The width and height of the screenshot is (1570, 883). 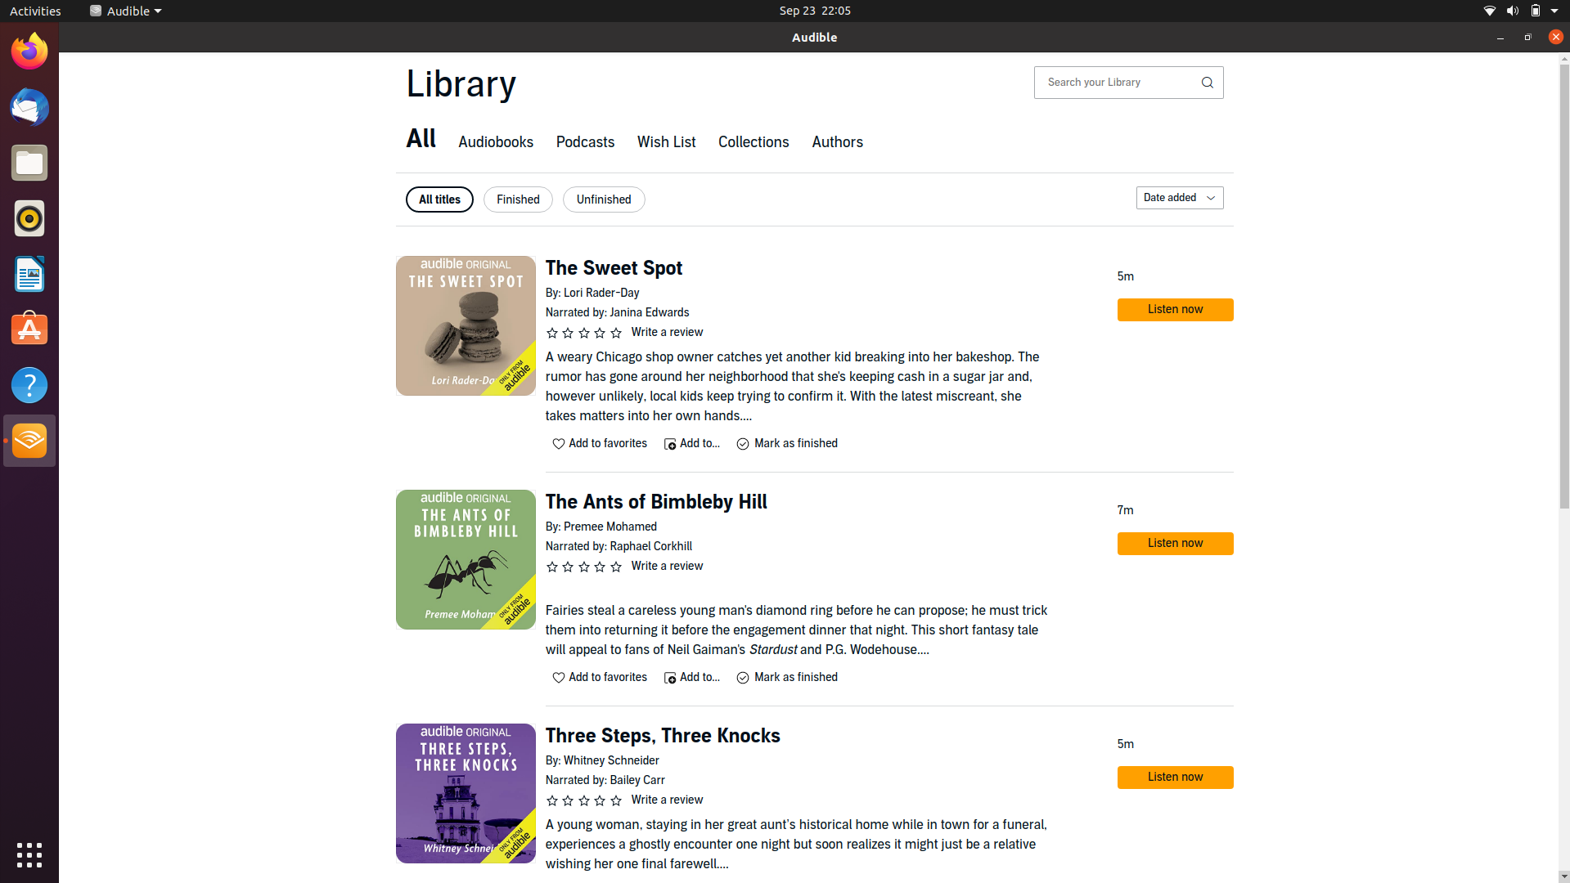 I want to click on authors section, so click(x=836, y=143).